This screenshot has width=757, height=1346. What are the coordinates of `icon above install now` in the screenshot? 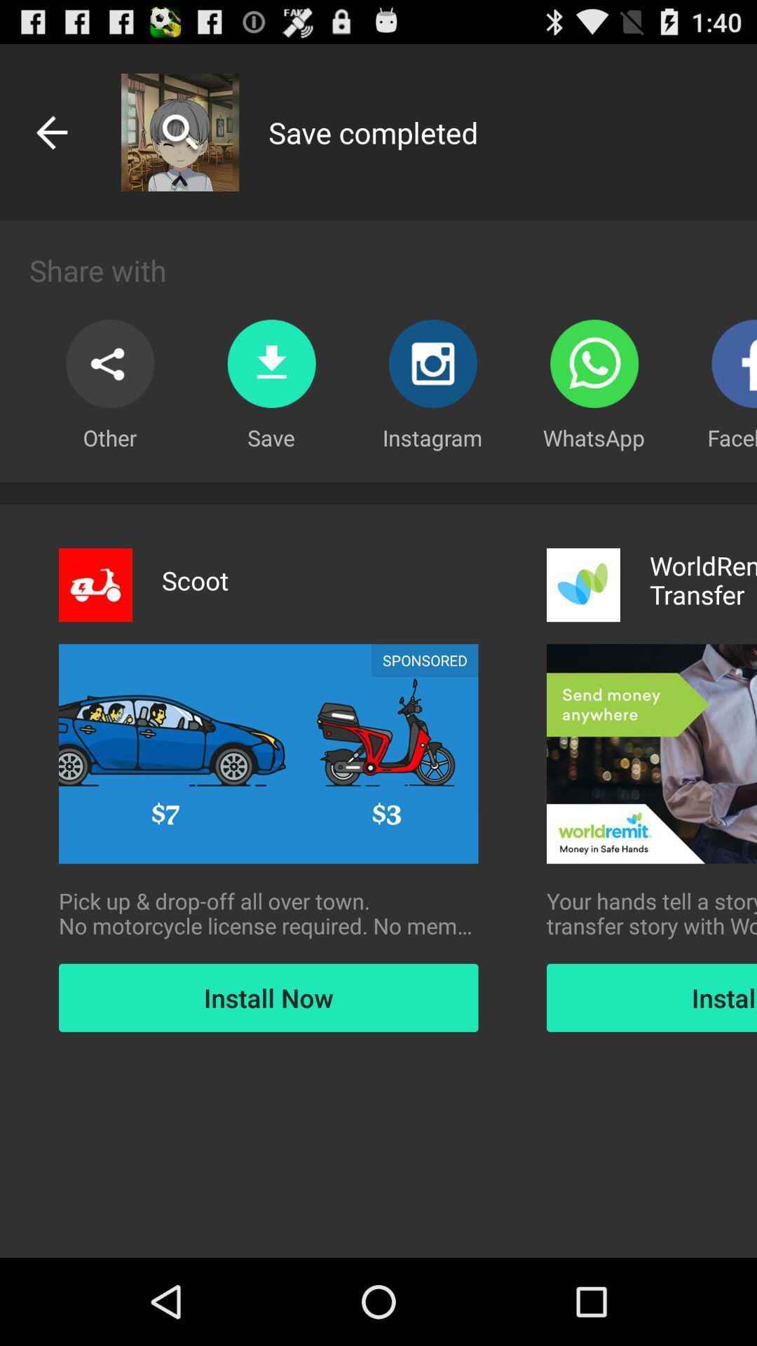 It's located at (651, 913).